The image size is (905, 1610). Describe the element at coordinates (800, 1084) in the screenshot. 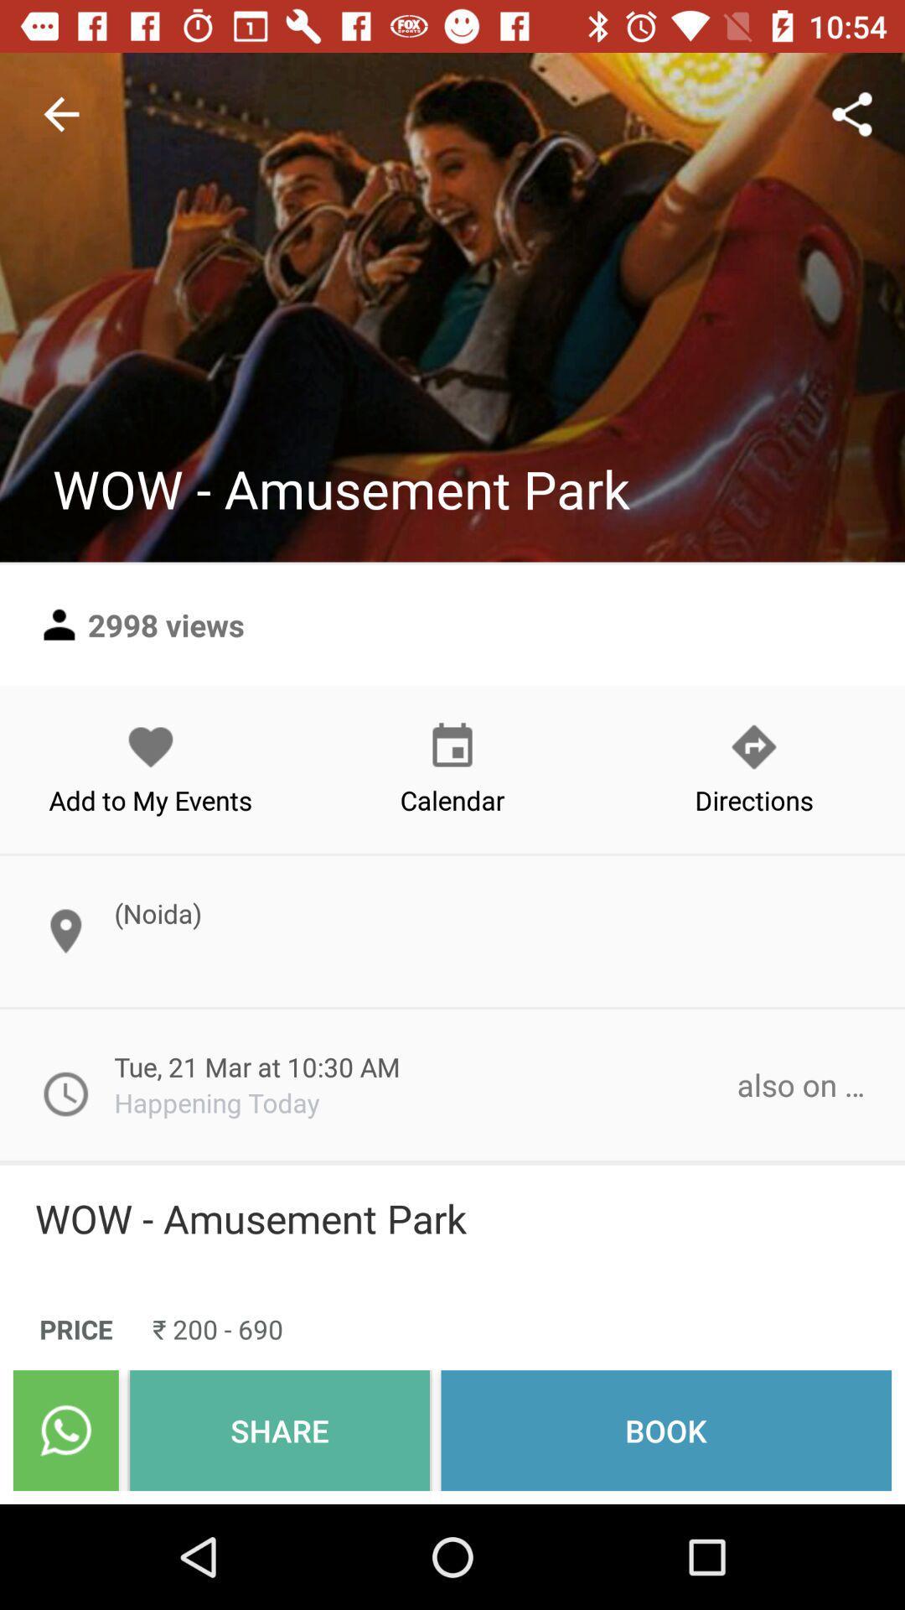

I see `icon next to the tue 21 mar` at that location.